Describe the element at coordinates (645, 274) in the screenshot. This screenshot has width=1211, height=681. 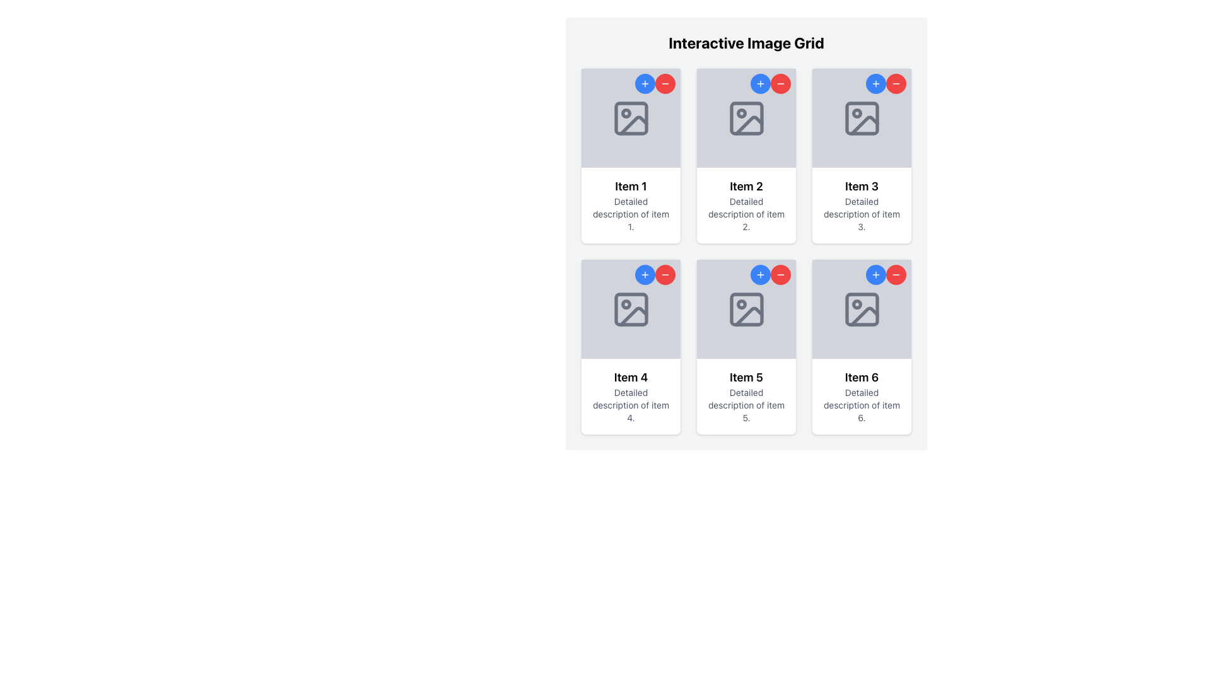
I see `the '+' button located in the top-right corner of the 'Item 4' card` at that location.